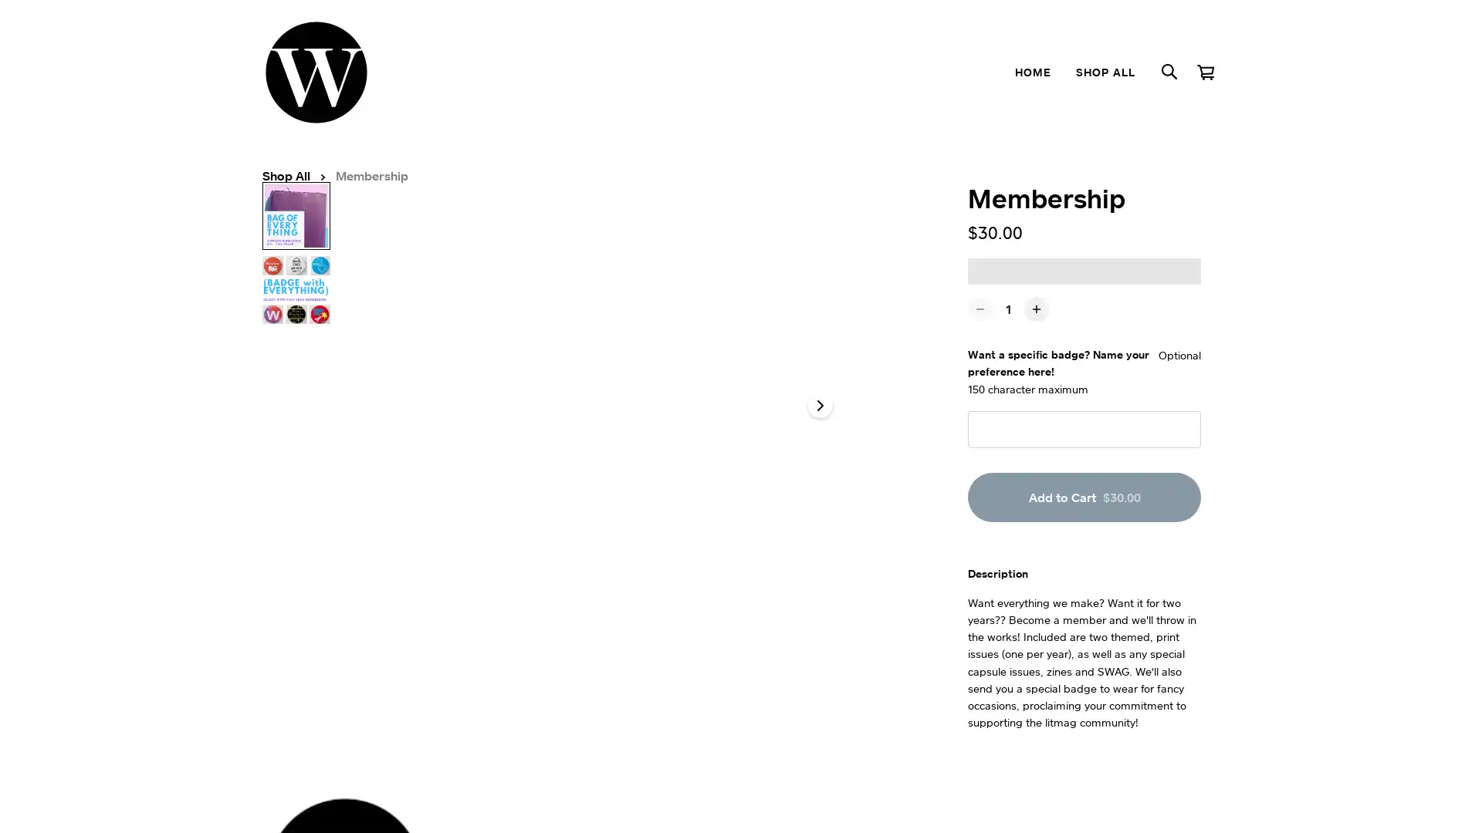  What do you see at coordinates (1004, 291) in the screenshot?
I see `Afterpay logo - Opens a dialog` at bounding box center [1004, 291].